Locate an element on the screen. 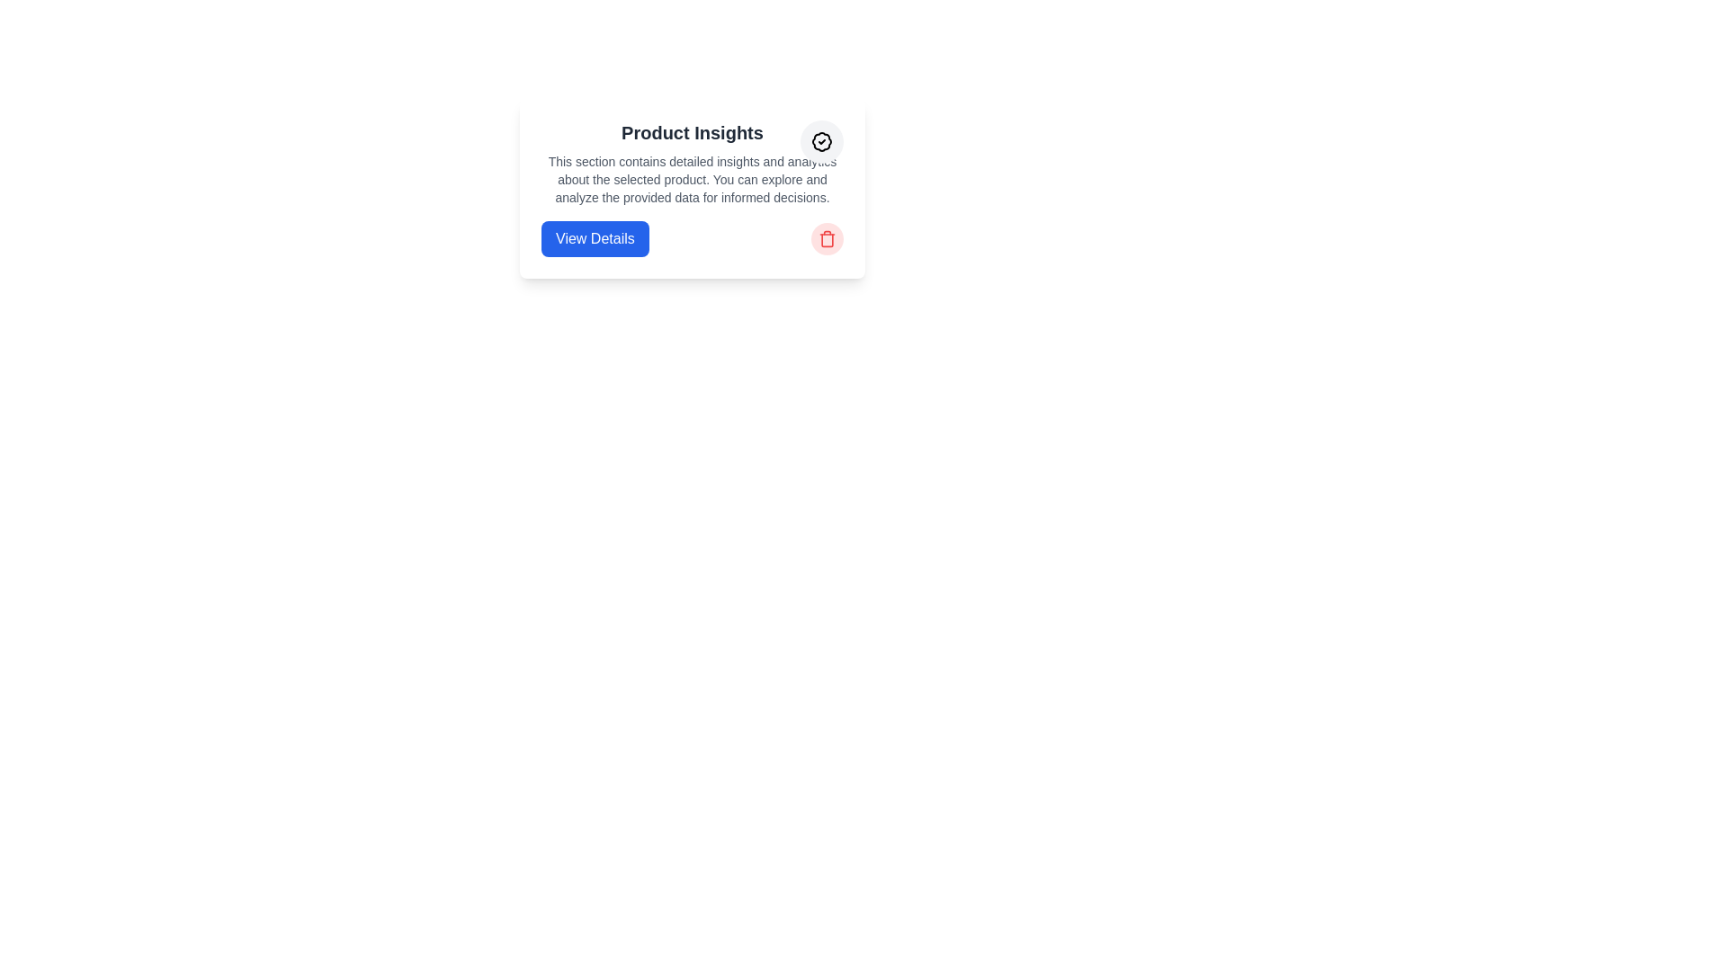 The width and height of the screenshot is (1727, 971). the blue button labeled 'View Details' is located at coordinates (595, 238).